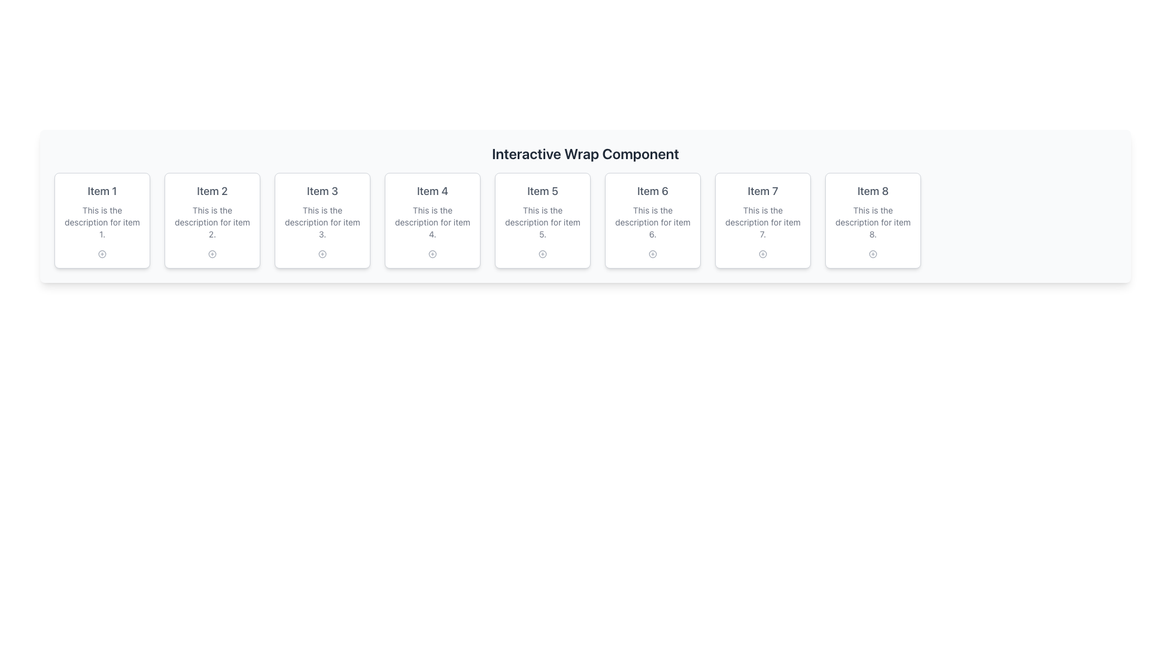 Image resolution: width=1149 pixels, height=646 pixels. I want to click on the icon button located at the bottom center of the card labeled 'Item 8', which is the last card in a row of 8 cards, so click(873, 253).